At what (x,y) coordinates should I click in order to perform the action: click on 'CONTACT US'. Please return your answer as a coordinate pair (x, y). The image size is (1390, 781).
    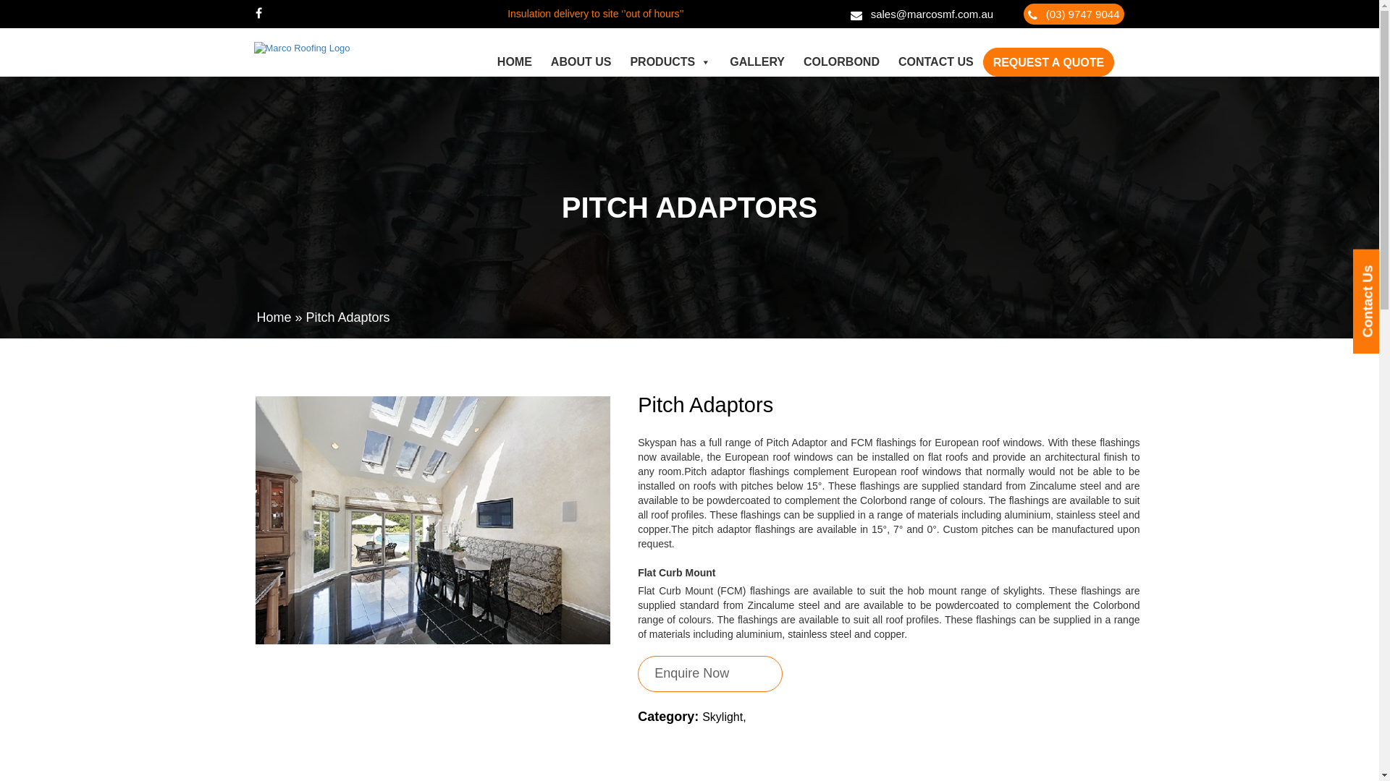
    Looking at the image, I should click on (935, 61).